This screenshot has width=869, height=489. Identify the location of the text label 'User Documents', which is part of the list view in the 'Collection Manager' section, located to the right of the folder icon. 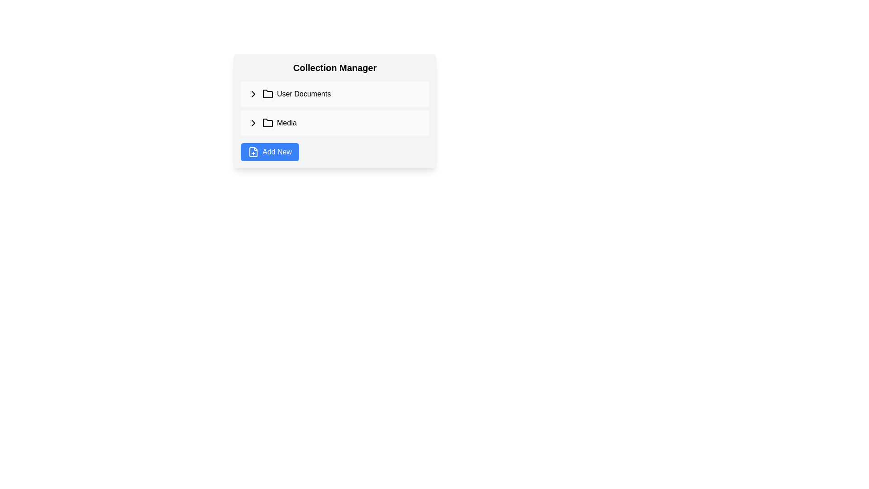
(304, 94).